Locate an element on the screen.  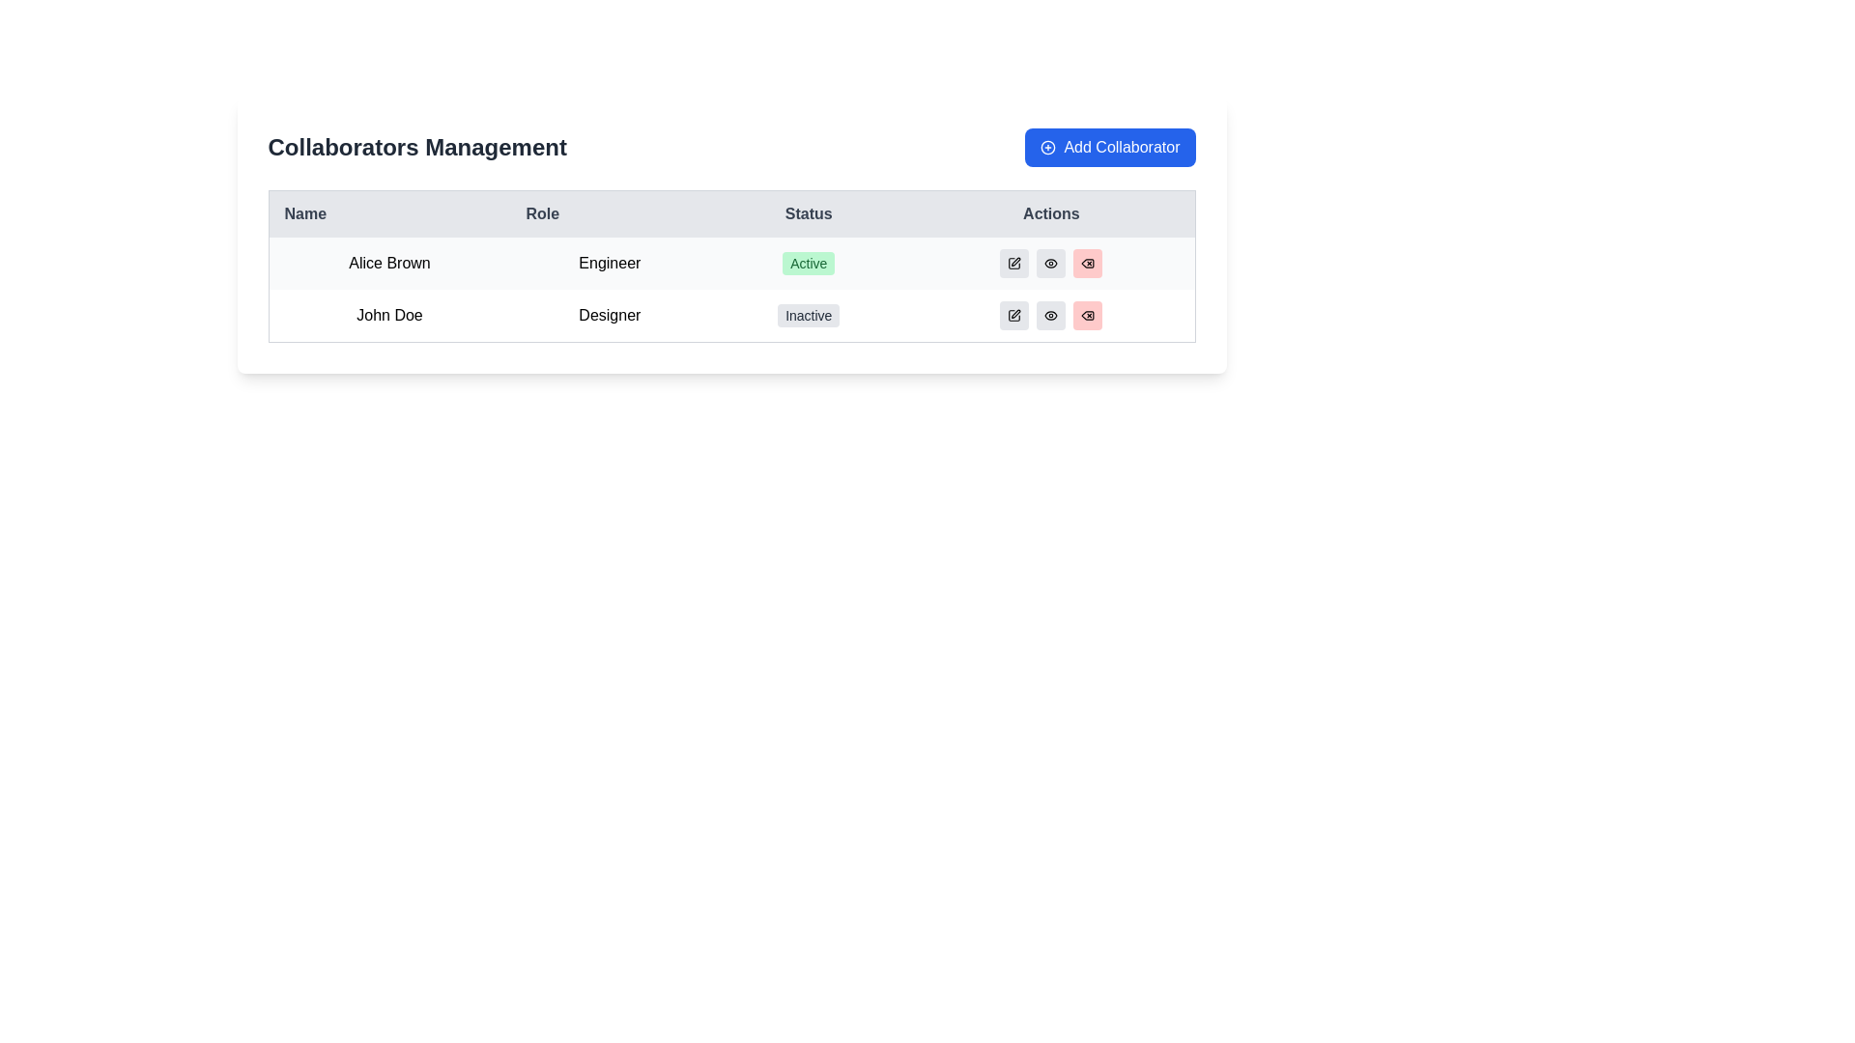
the text label identifying the name of an individual located in the second row of the table under the 'Name' column is located at coordinates (388, 315).